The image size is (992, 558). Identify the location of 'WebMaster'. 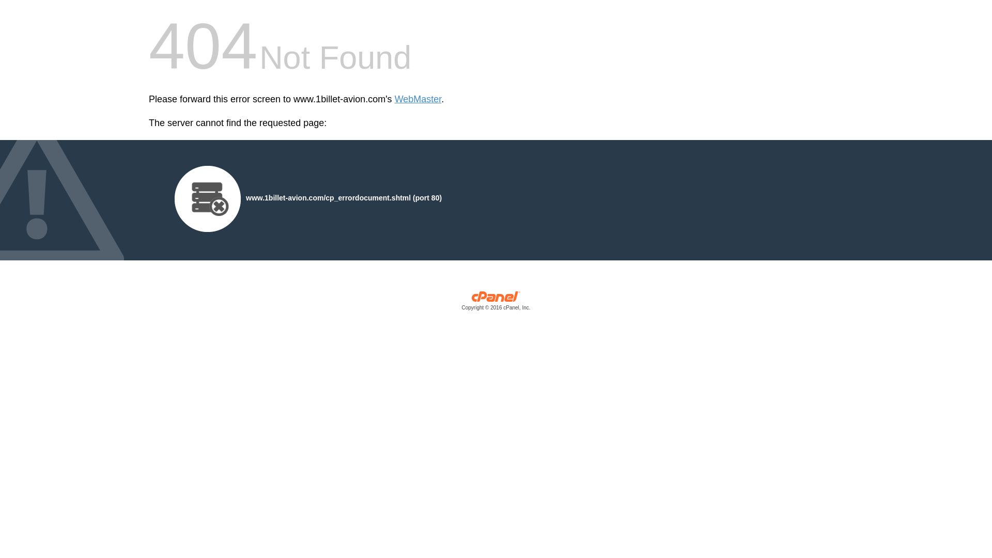
(418, 99).